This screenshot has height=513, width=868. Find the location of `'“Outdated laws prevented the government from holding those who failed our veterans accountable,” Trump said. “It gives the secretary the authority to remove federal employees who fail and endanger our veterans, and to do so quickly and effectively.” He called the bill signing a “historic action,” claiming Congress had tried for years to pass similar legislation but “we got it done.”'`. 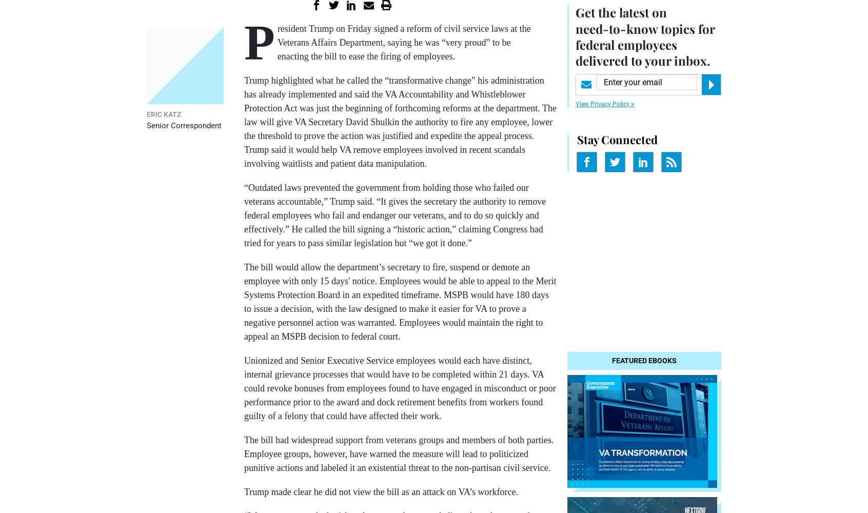

'“Outdated laws prevented the government from holding those who failed our veterans accountable,” Trump said. “It gives the secretary the authority to remove federal employees who fail and endanger our veterans, and to do so quickly and effectively.” He called the bill signing a “historic action,” claiming Congress had tried for years to pass similar legislation but “we got it done.”' is located at coordinates (394, 215).